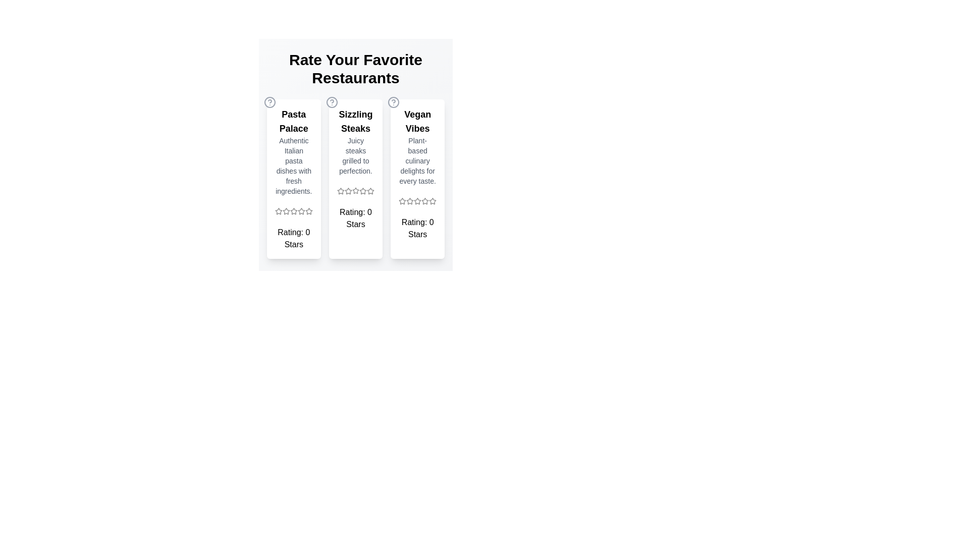  Describe the element at coordinates (348, 191) in the screenshot. I see `the star icon for 2 stars in the Sizzling Steaks section` at that location.